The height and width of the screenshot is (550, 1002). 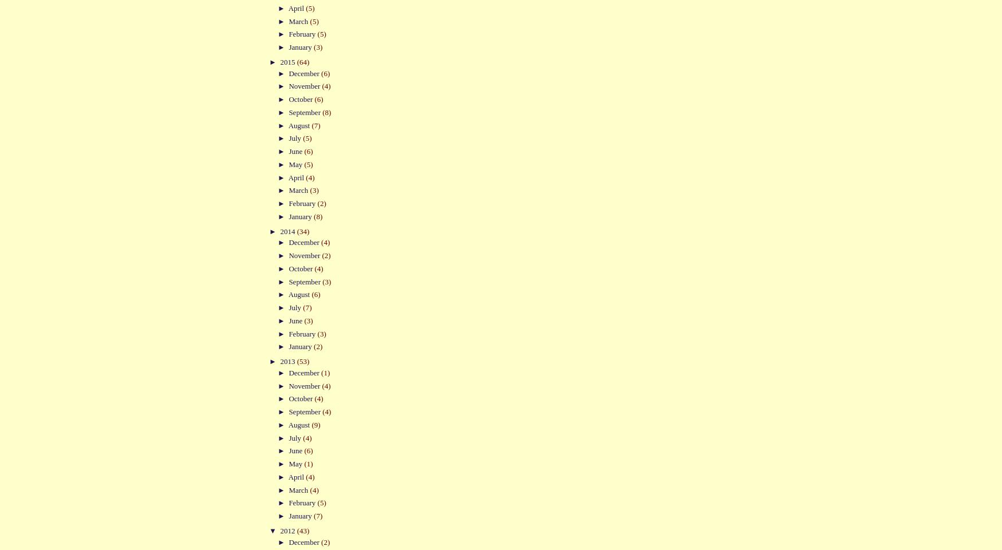 I want to click on '(43)', so click(x=296, y=531).